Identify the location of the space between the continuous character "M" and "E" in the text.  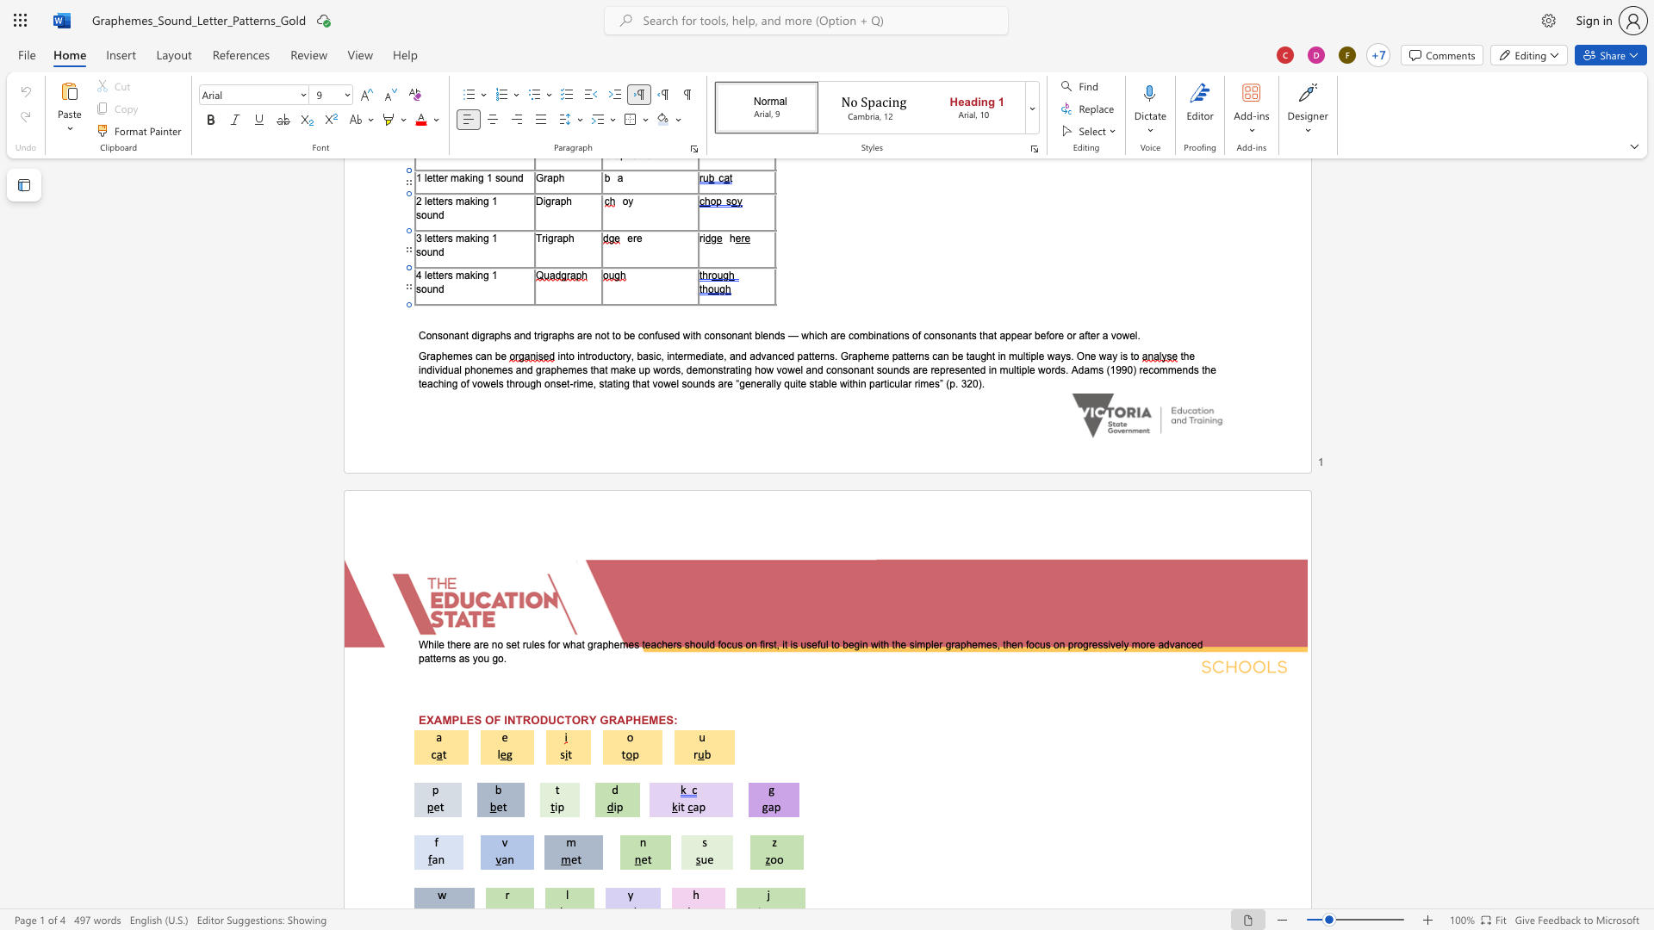
(656, 720).